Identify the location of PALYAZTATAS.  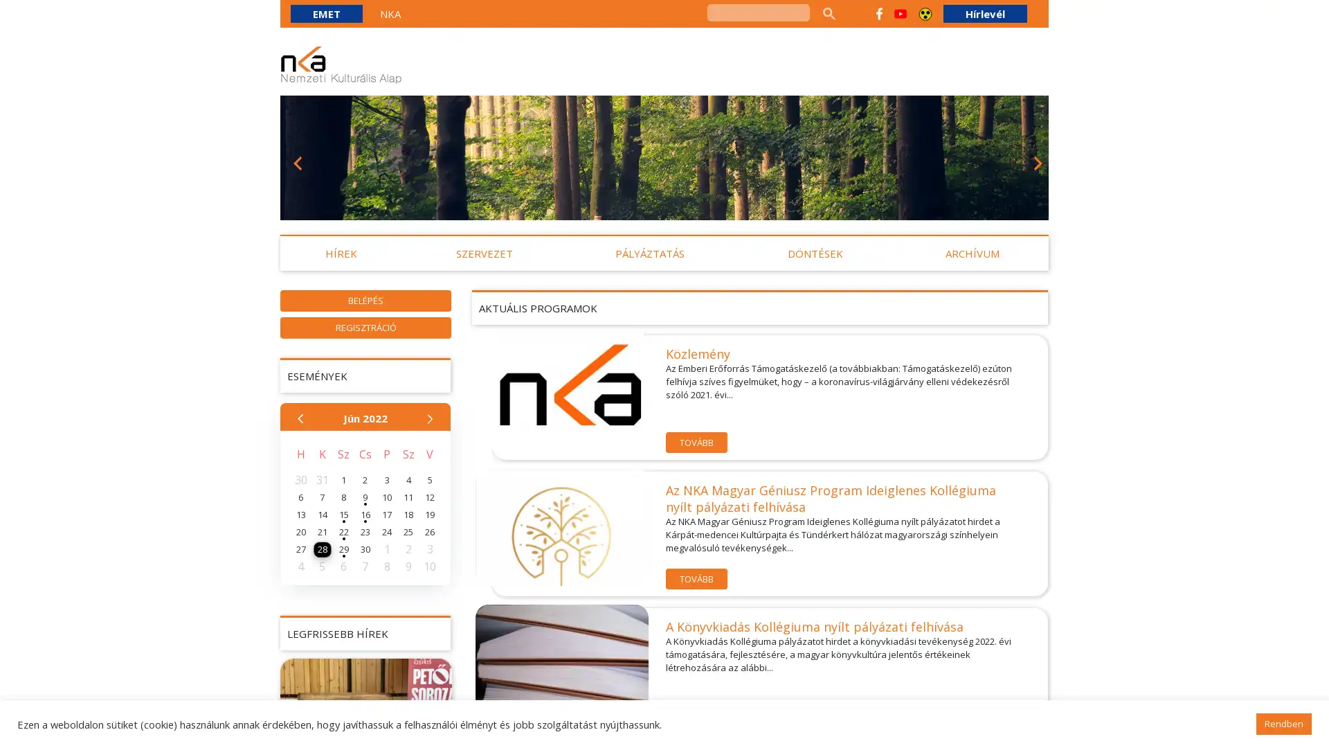
(649, 253).